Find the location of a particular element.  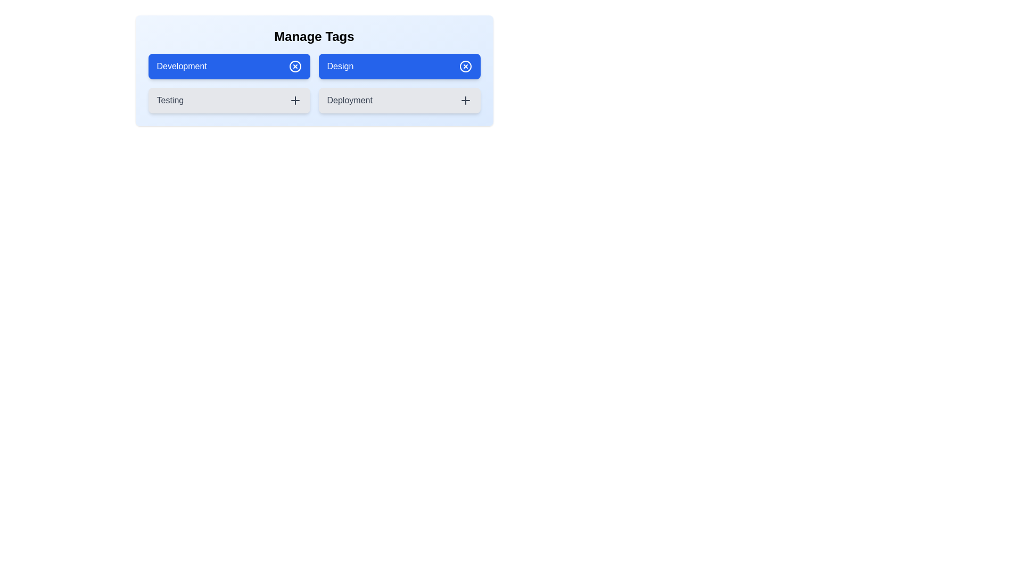

the close icon of the 'Development' tag to remove it is located at coordinates (295, 66).